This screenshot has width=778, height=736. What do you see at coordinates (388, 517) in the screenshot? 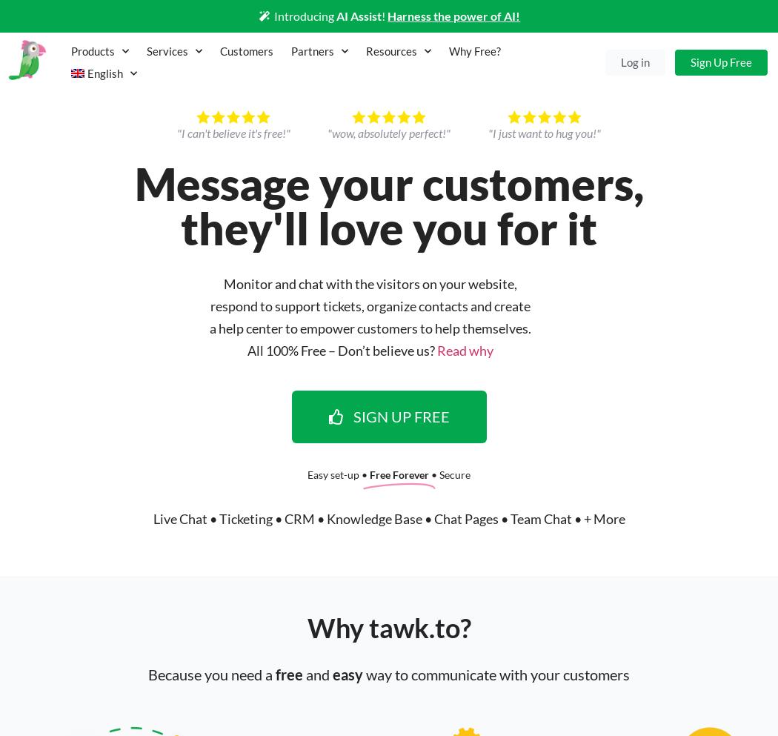
I see `'Live Chat • Ticketing • CRM • Knowledge Base • Chat Pages • Team Chat • + More'` at bounding box center [388, 517].